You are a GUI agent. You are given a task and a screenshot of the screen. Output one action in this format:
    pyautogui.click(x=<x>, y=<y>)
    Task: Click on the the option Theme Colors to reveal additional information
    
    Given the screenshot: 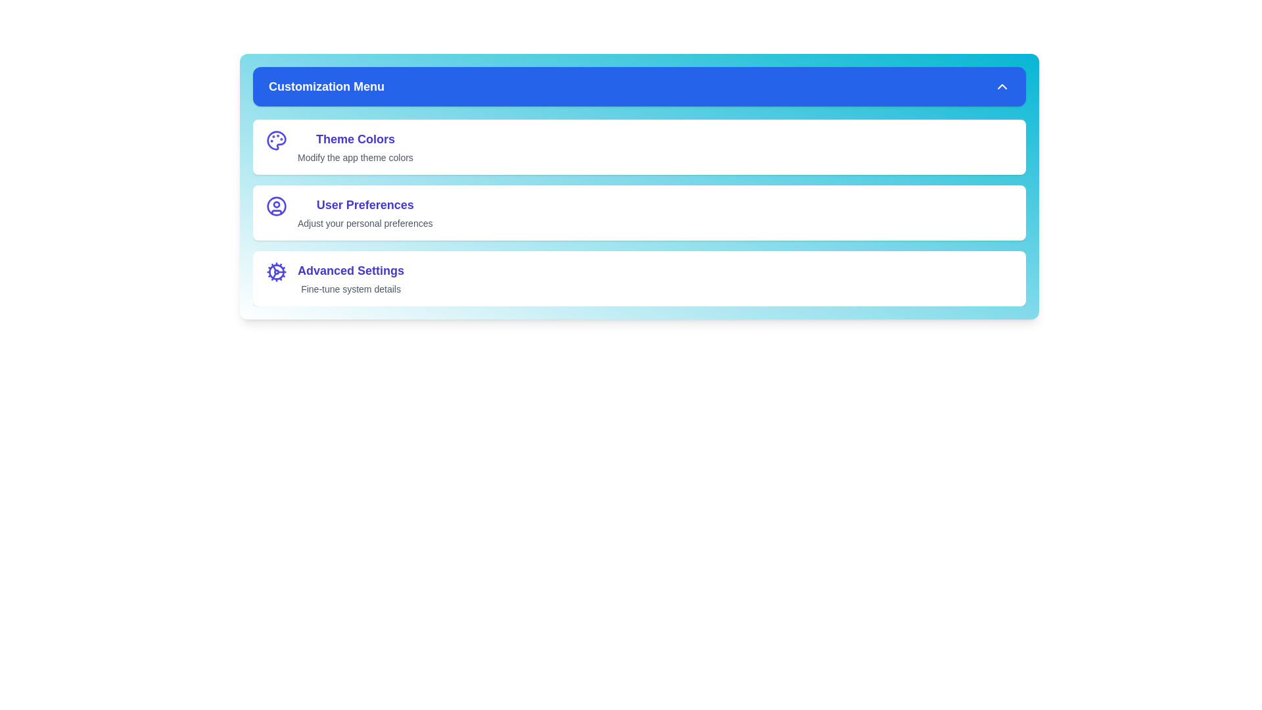 What is the action you would take?
    pyautogui.click(x=276, y=147)
    